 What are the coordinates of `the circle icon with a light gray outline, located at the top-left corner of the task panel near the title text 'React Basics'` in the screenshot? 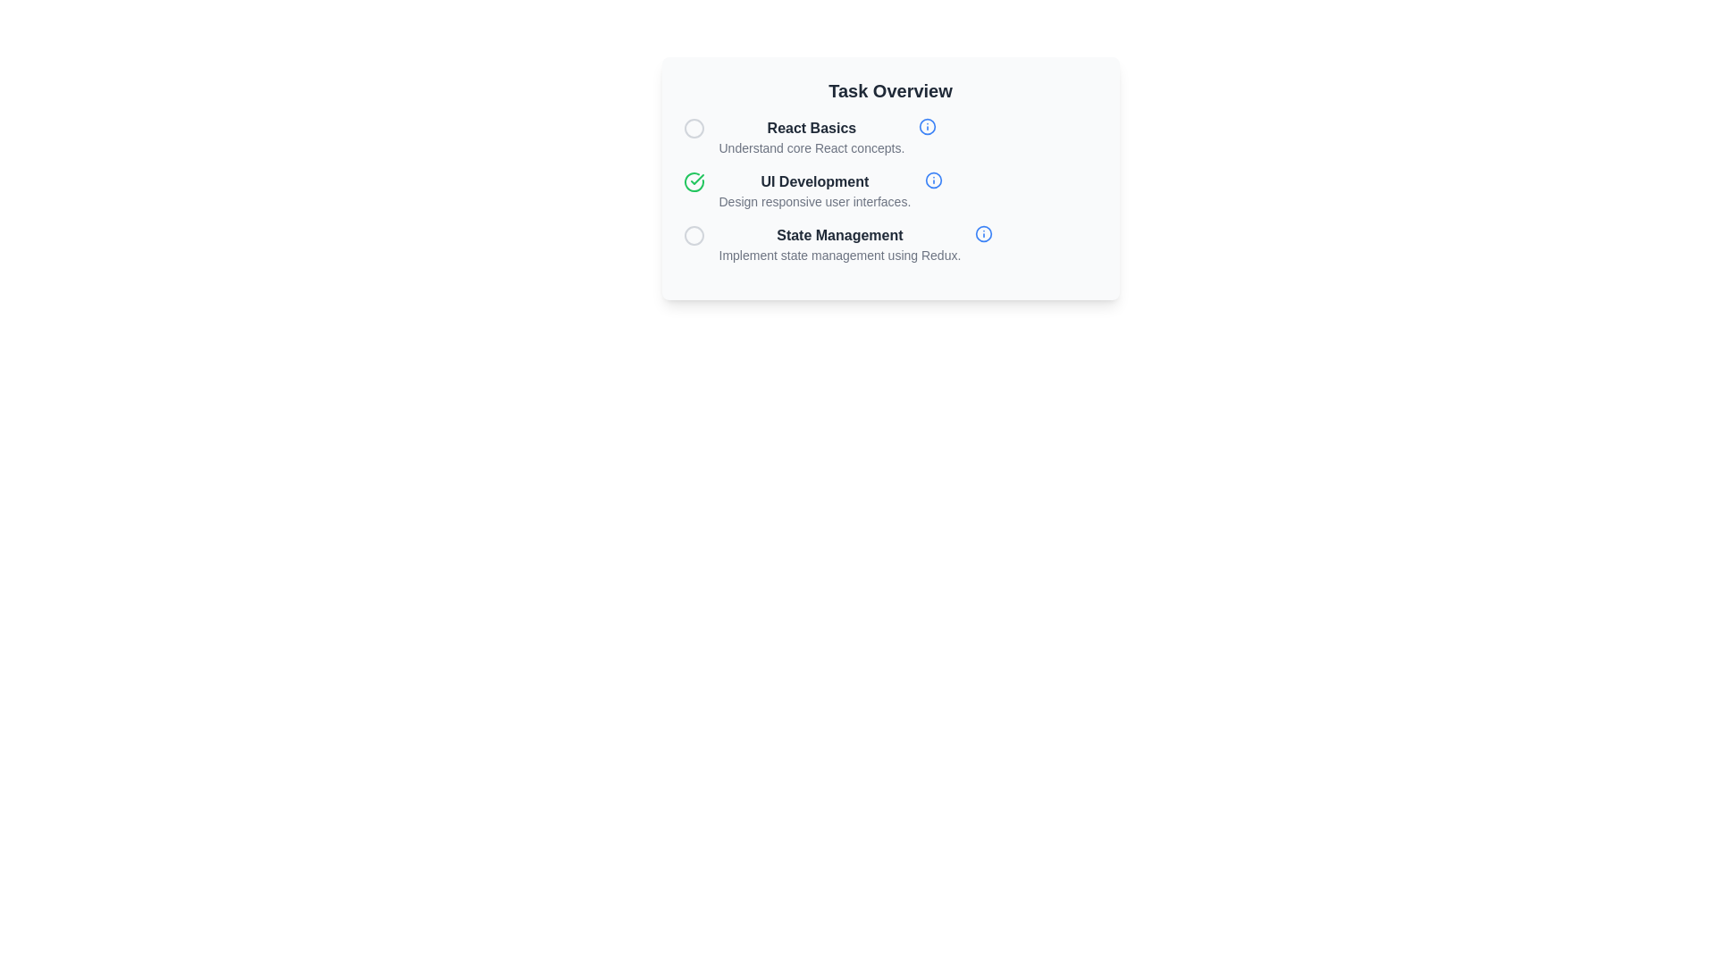 It's located at (693, 127).